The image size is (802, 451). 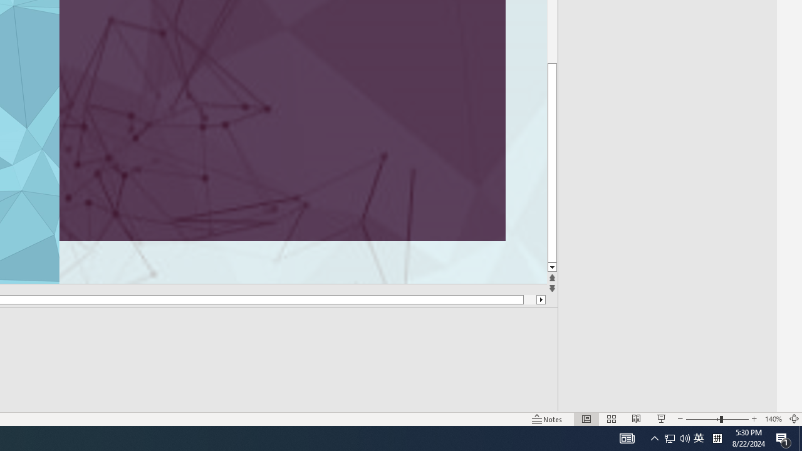 I want to click on 'Zoom 140%', so click(x=773, y=419).